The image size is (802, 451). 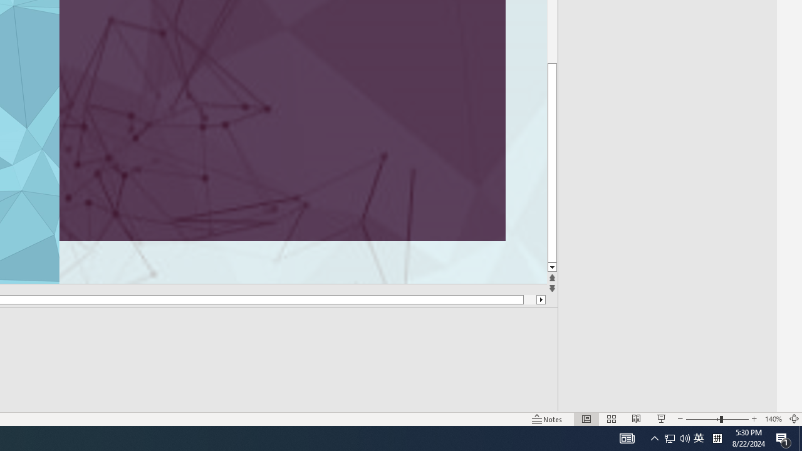 I want to click on 'Zoom 140%', so click(x=773, y=419).